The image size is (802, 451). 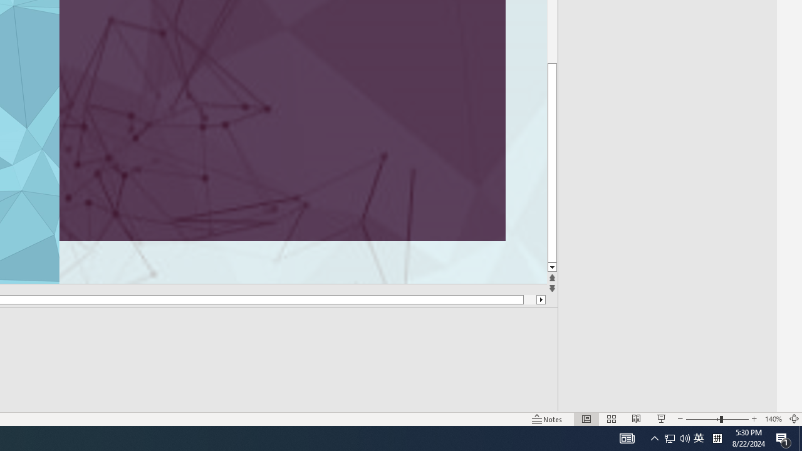 I want to click on 'Zoom 140%', so click(x=773, y=419).